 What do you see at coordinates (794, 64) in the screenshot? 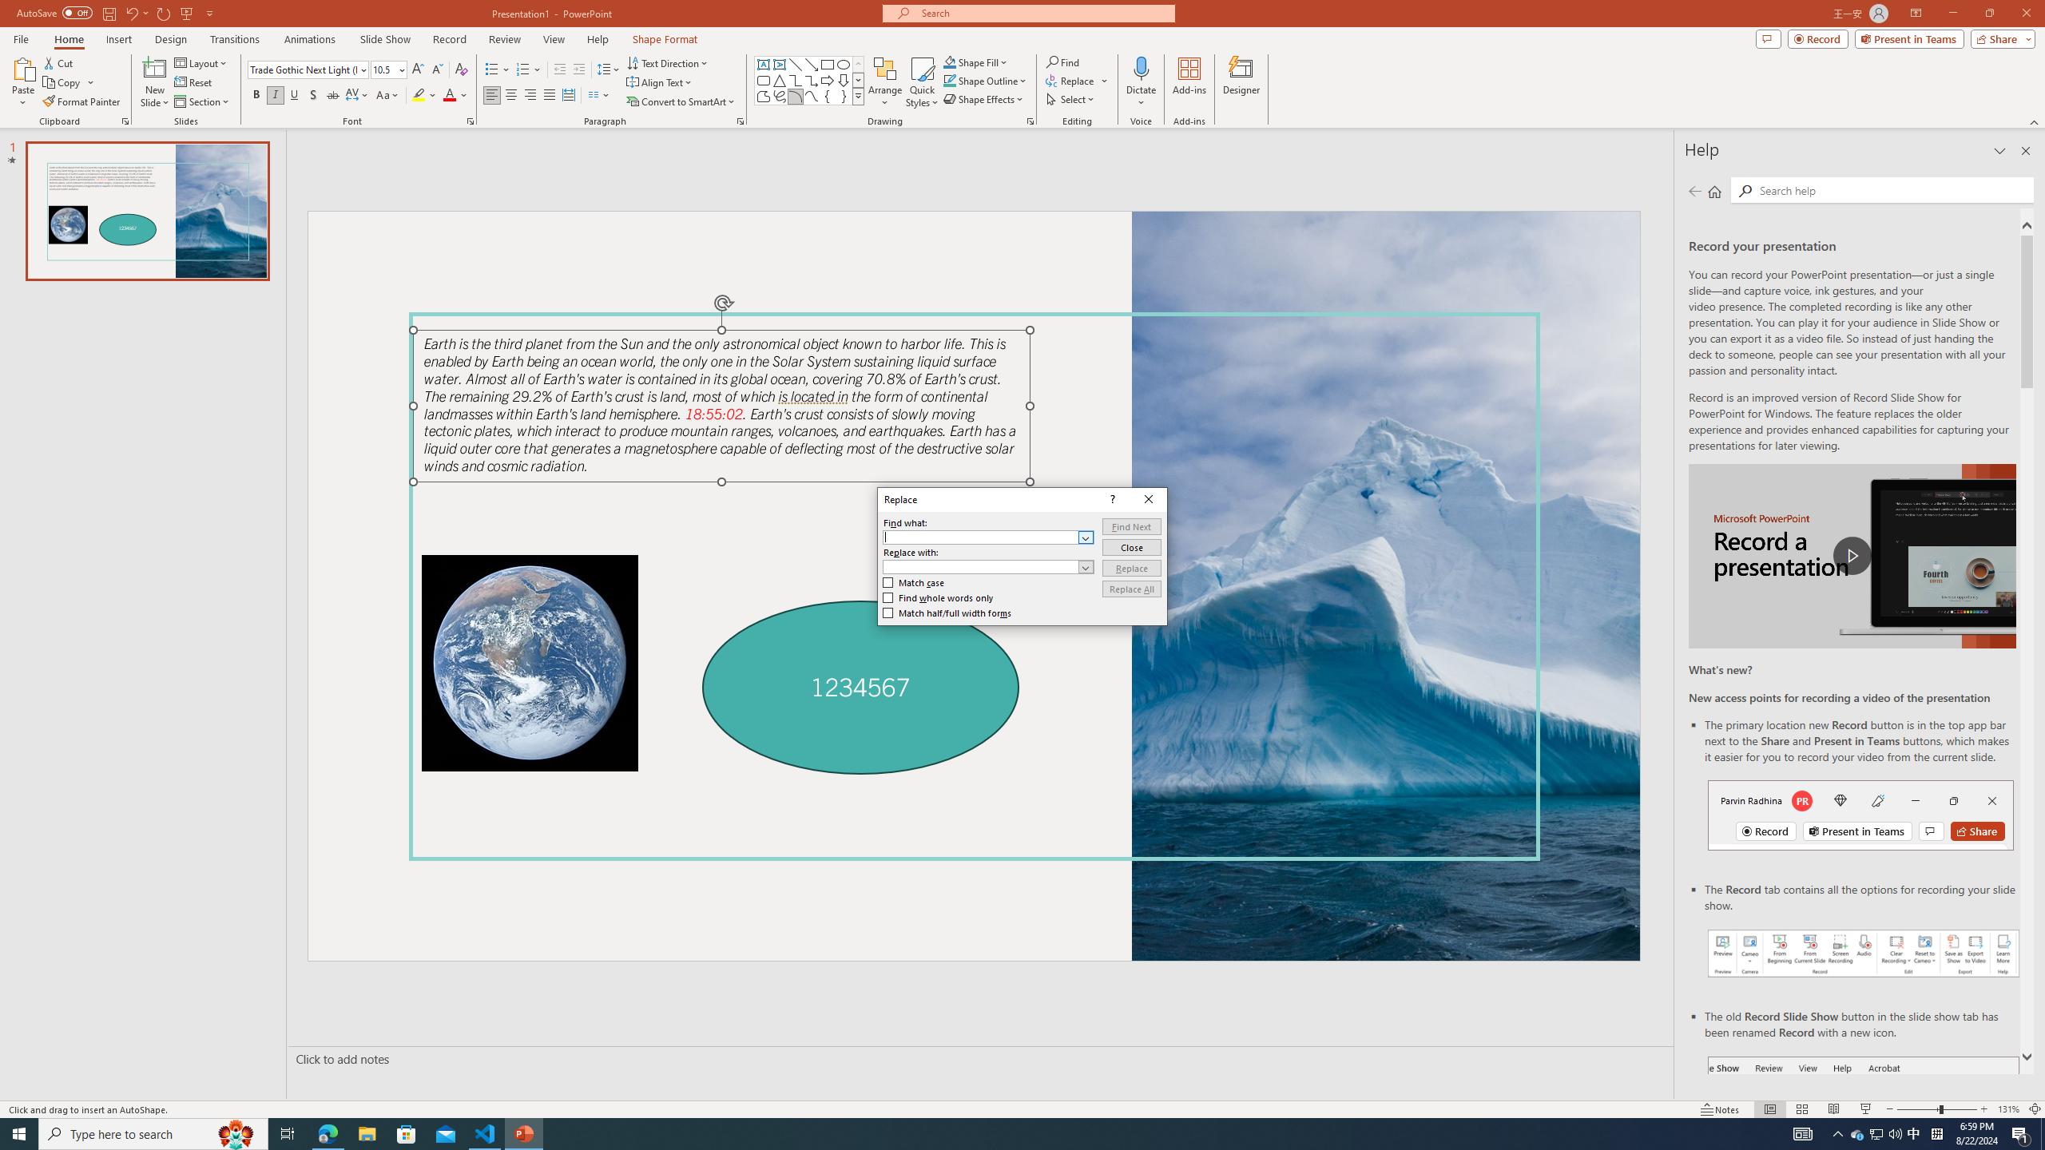
I see `'Line'` at bounding box center [794, 64].